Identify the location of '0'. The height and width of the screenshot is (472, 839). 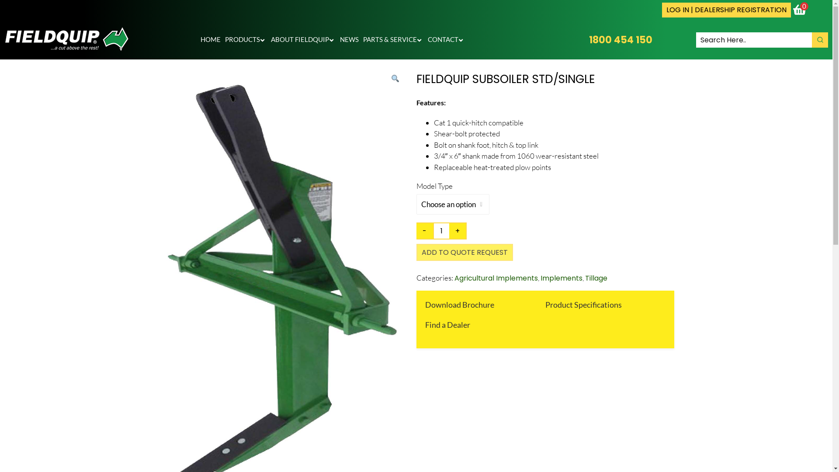
(801, 10).